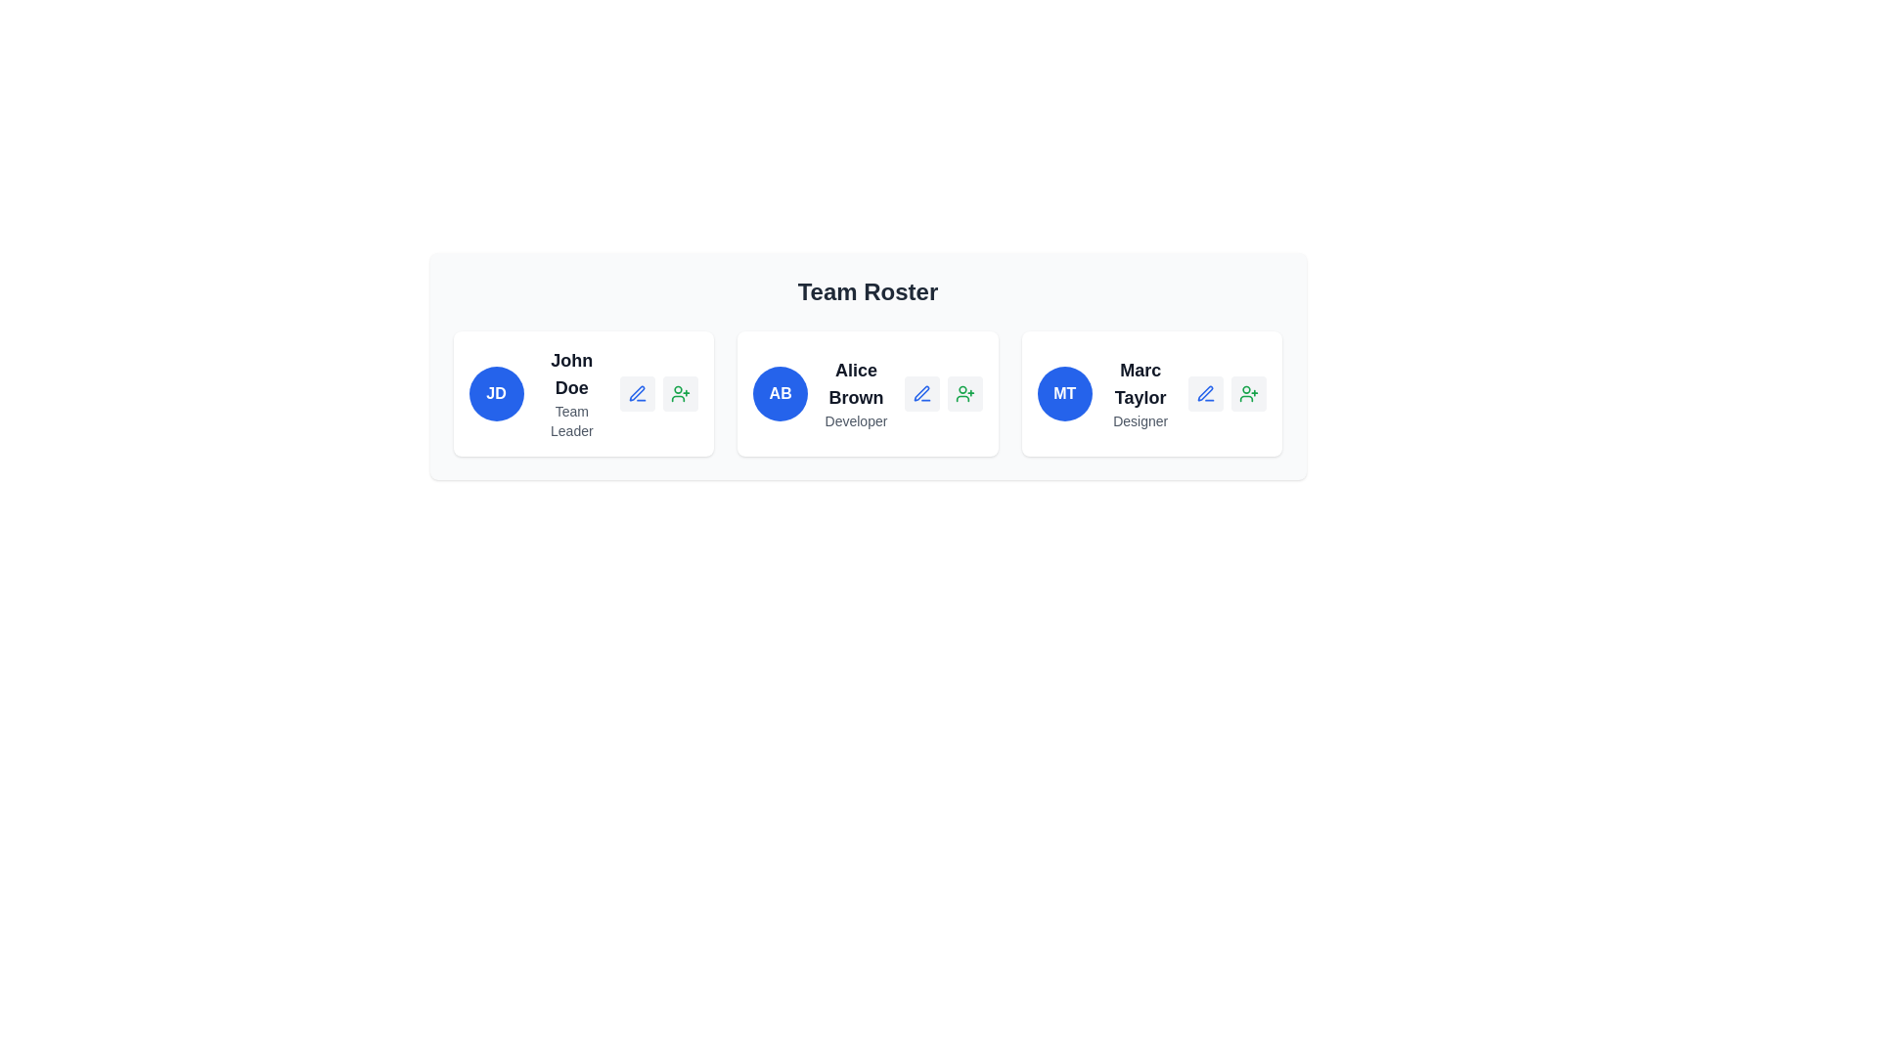 The width and height of the screenshot is (1878, 1056). What do you see at coordinates (920, 393) in the screenshot?
I see `the SVG Icon resembling a pen used for editing, located in the card for 'Alice Brown'` at bounding box center [920, 393].